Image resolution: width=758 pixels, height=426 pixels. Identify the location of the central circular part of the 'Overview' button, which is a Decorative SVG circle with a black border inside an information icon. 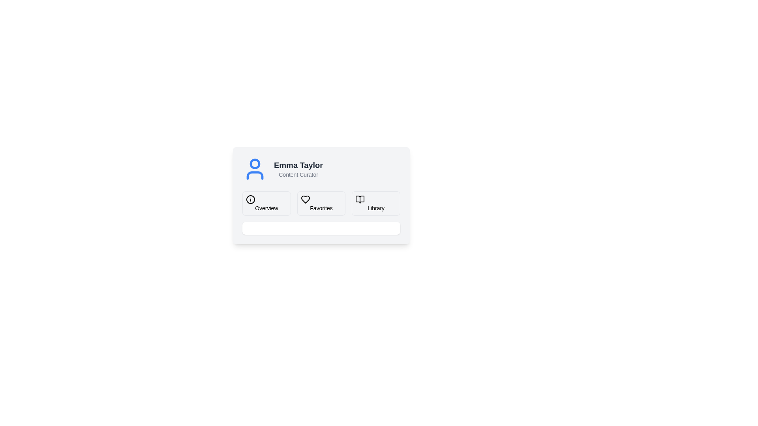
(250, 199).